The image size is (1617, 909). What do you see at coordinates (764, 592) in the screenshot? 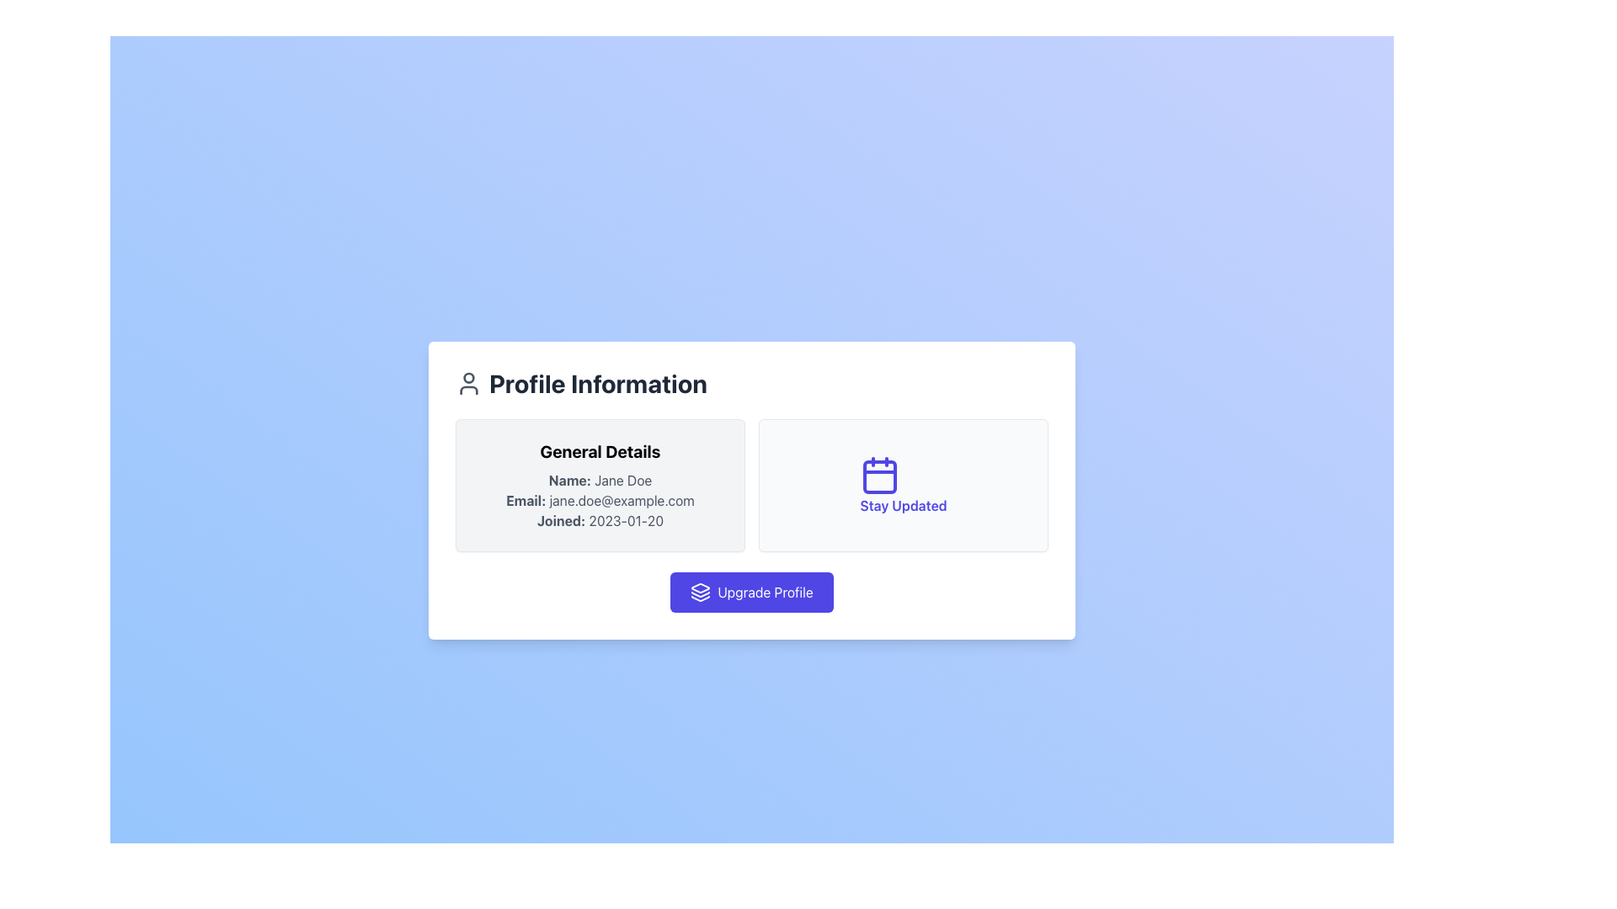
I see `the 'Upgrade Profile' button, which is a white text label on a vibrant blue button, positioned prominently below two information panels and to the right of an icon` at bounding box center [764, 592].